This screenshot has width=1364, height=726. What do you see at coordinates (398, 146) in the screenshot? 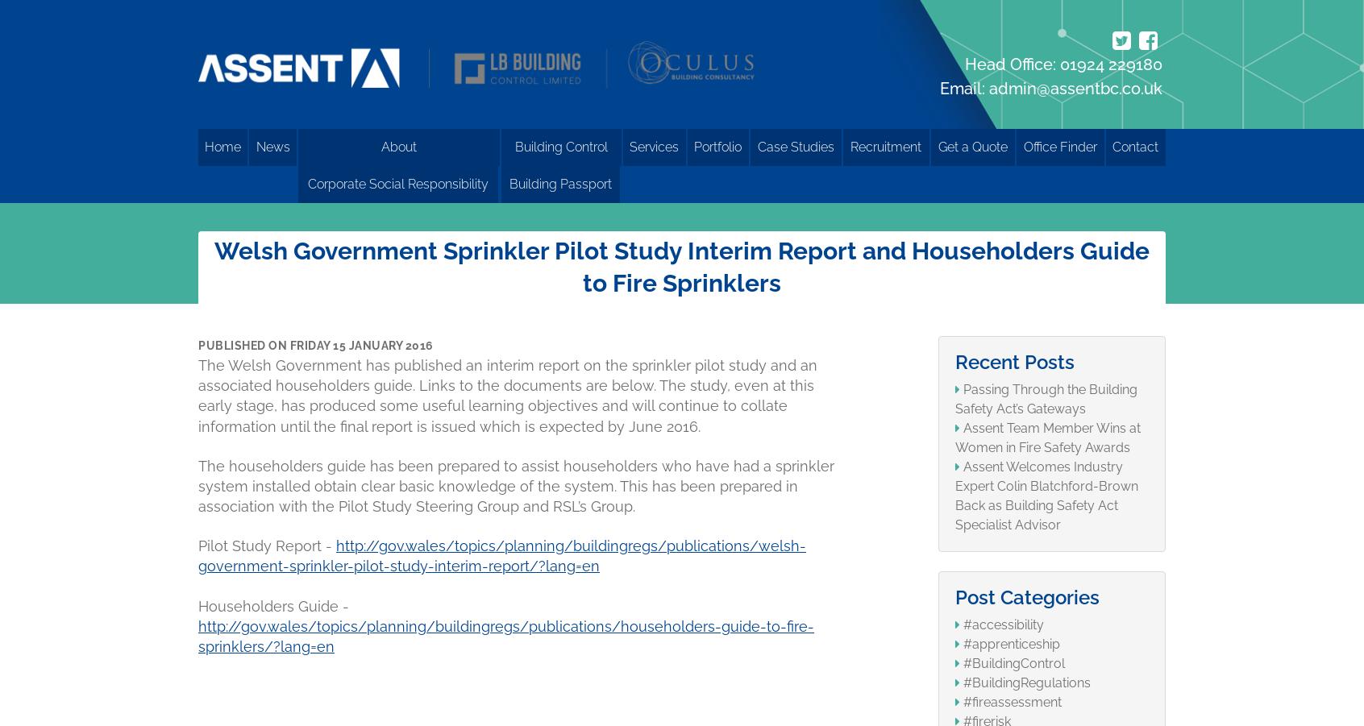
I see `'About'` at bounding box center [398, 146].